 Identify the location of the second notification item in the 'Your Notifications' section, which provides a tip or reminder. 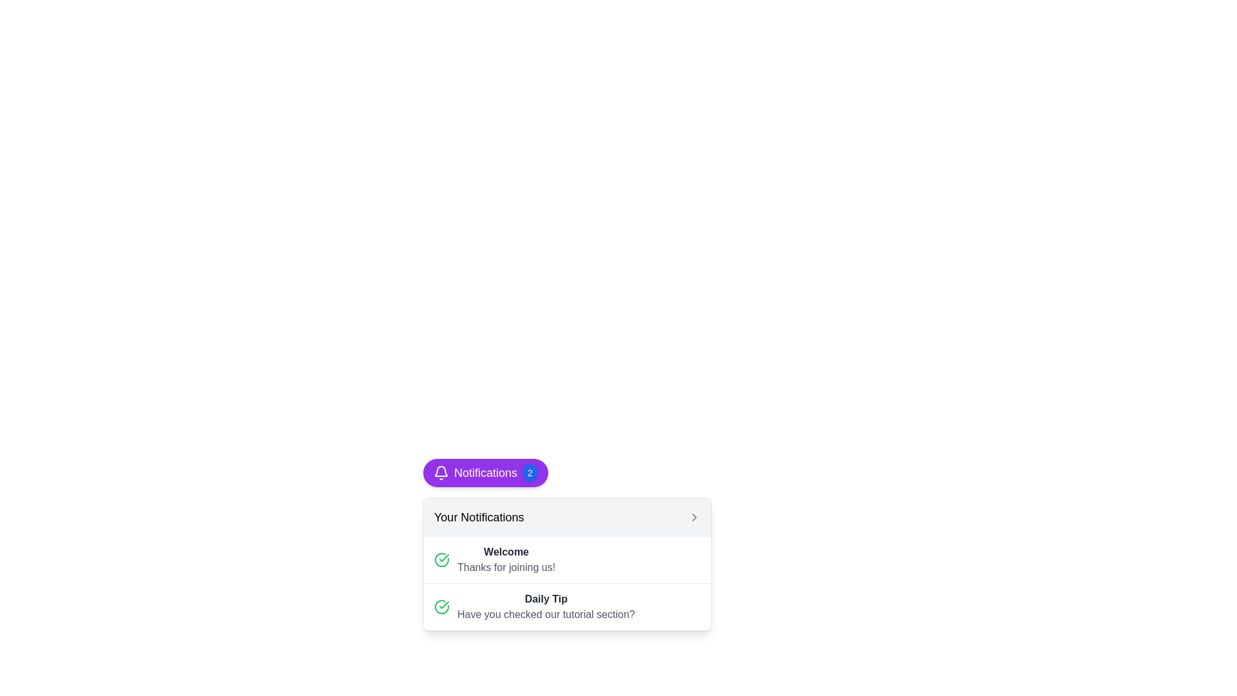
(567, 606).